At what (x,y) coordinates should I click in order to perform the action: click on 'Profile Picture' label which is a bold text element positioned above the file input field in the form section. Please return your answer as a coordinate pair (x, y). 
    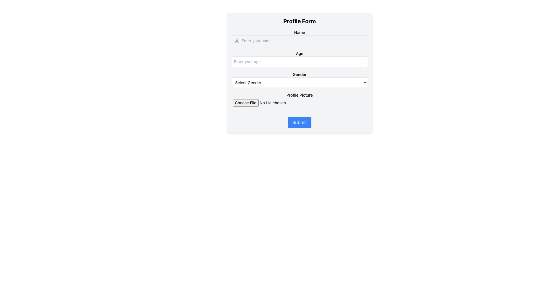
    Looking at the image, I should click on (299, 95).